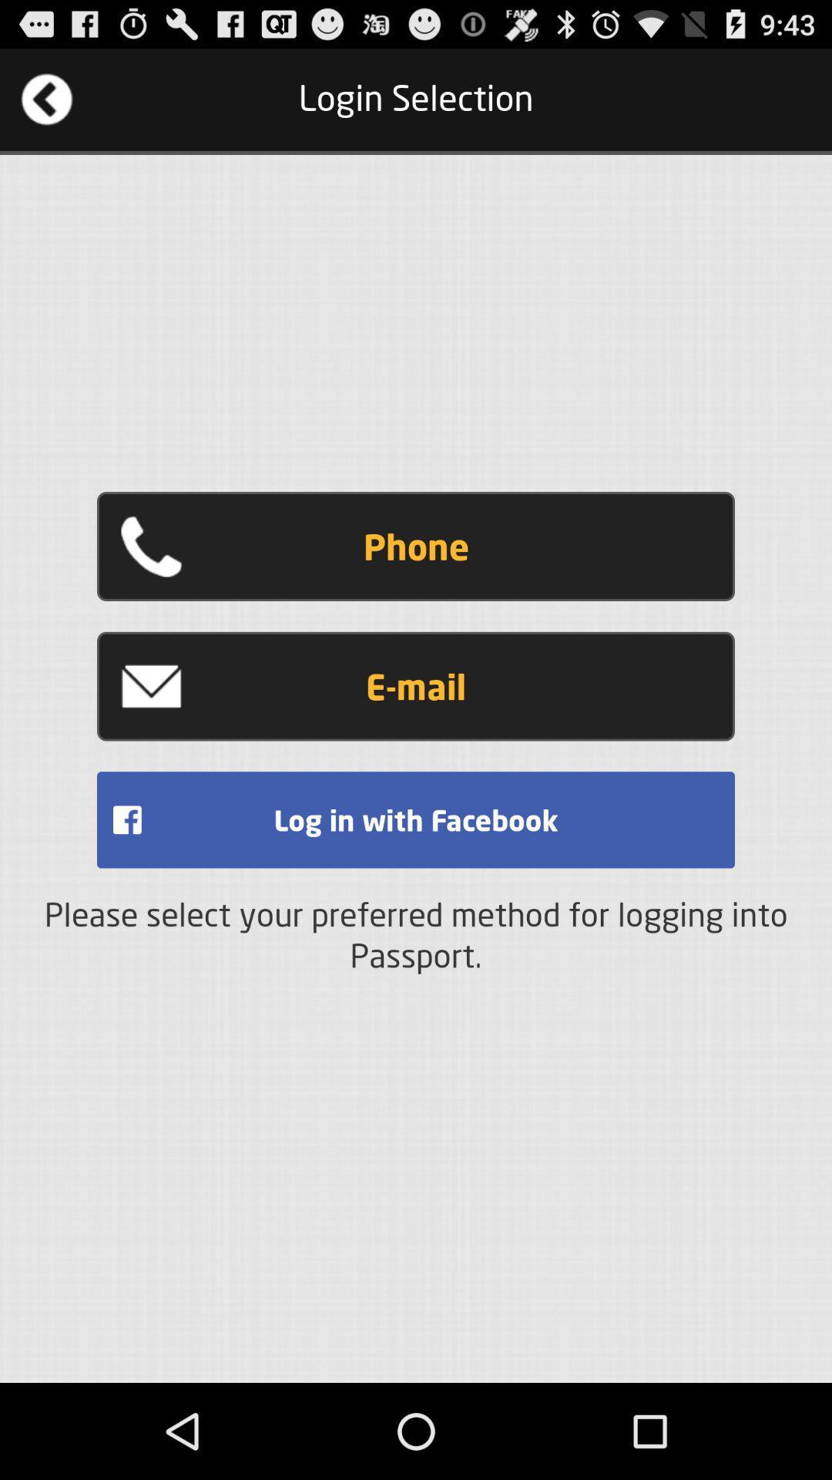 This screenshot has width=832, height=1480. I want to click on phone item, so click(416, 547).